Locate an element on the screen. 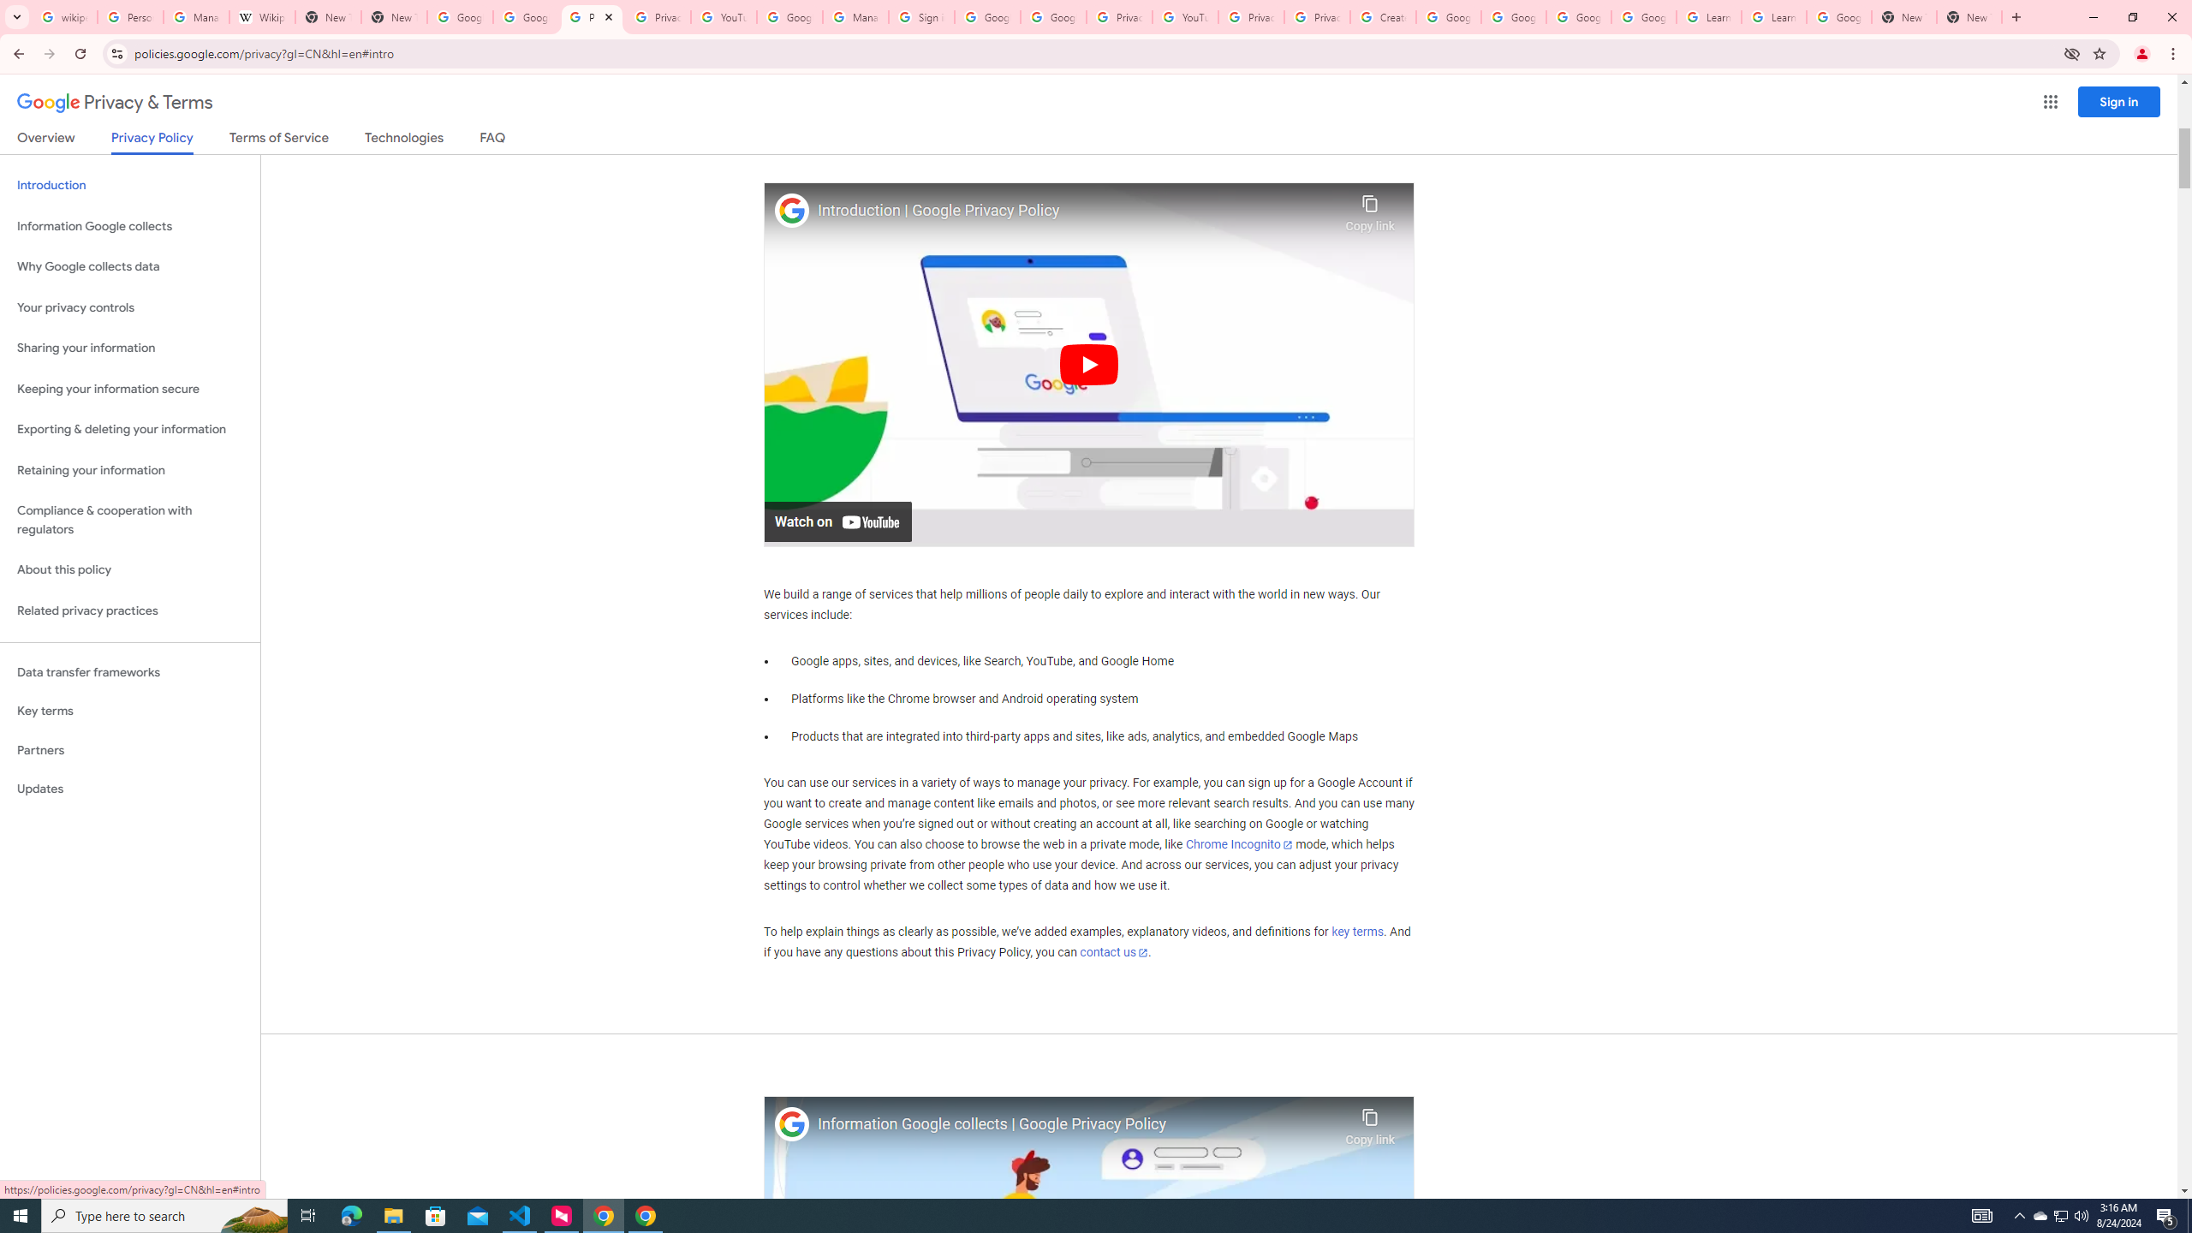 The width and height of the screenshot is (2192, 1233). 'key terms' is located at coordinates (1355, 931).